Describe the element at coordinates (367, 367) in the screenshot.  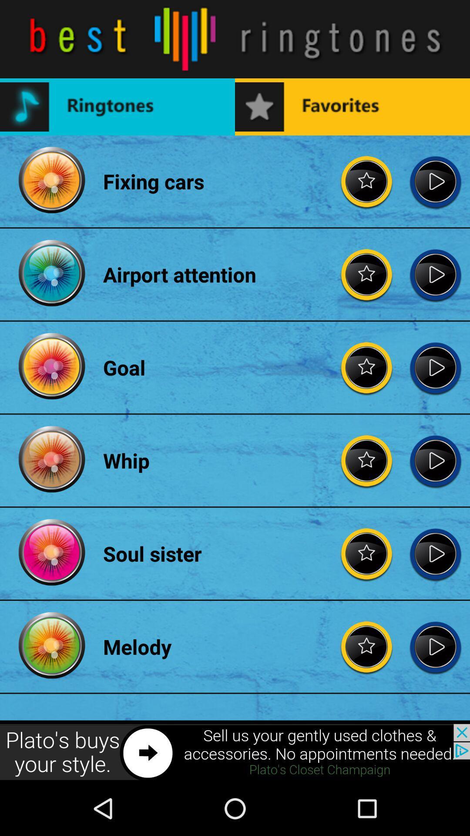
I see `giving rating to song` at that location.